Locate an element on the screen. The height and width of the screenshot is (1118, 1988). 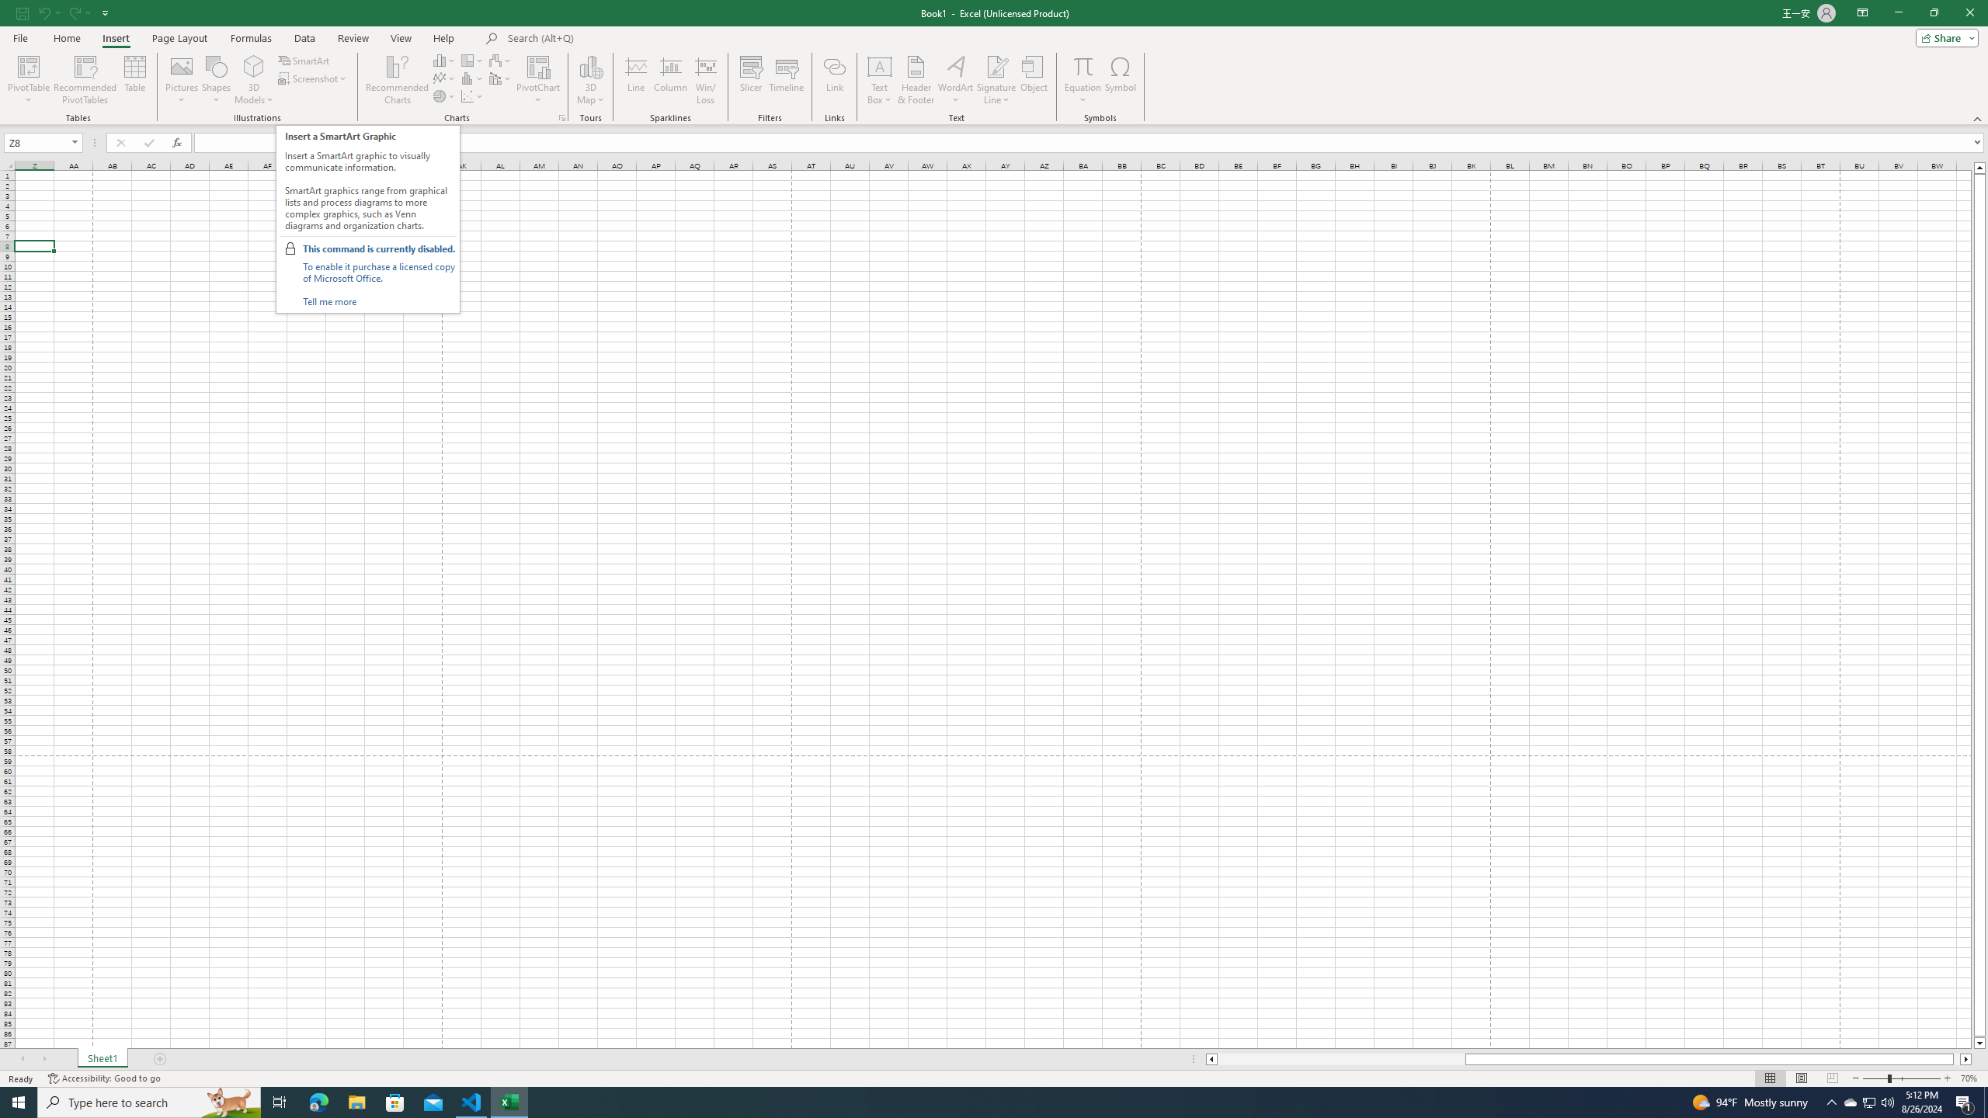
'Ribbon Display Options' is located at coordinates (1861, 12).